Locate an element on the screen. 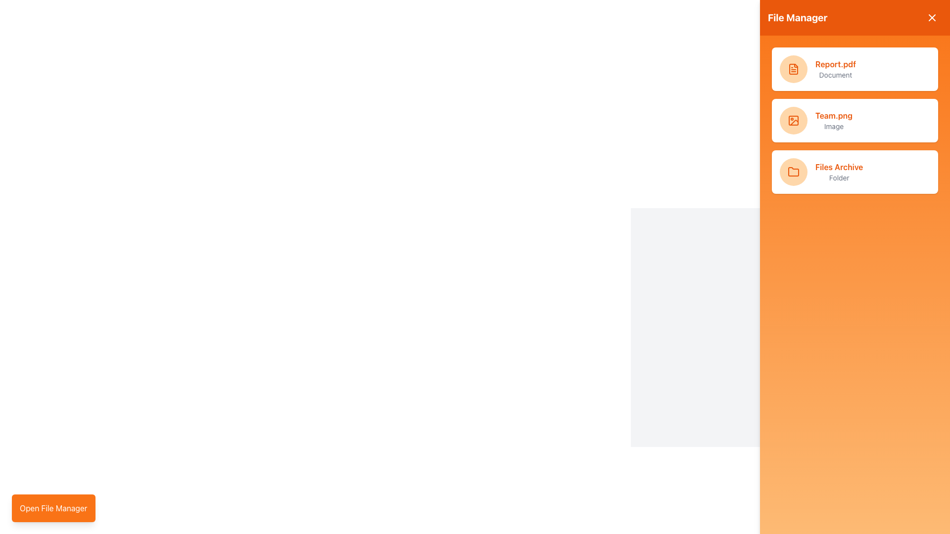 The width and height of the screenshot is (950, 534). the orange button labeled 'Open File Manager' to observe the color change is located at coordinates (53, 508).